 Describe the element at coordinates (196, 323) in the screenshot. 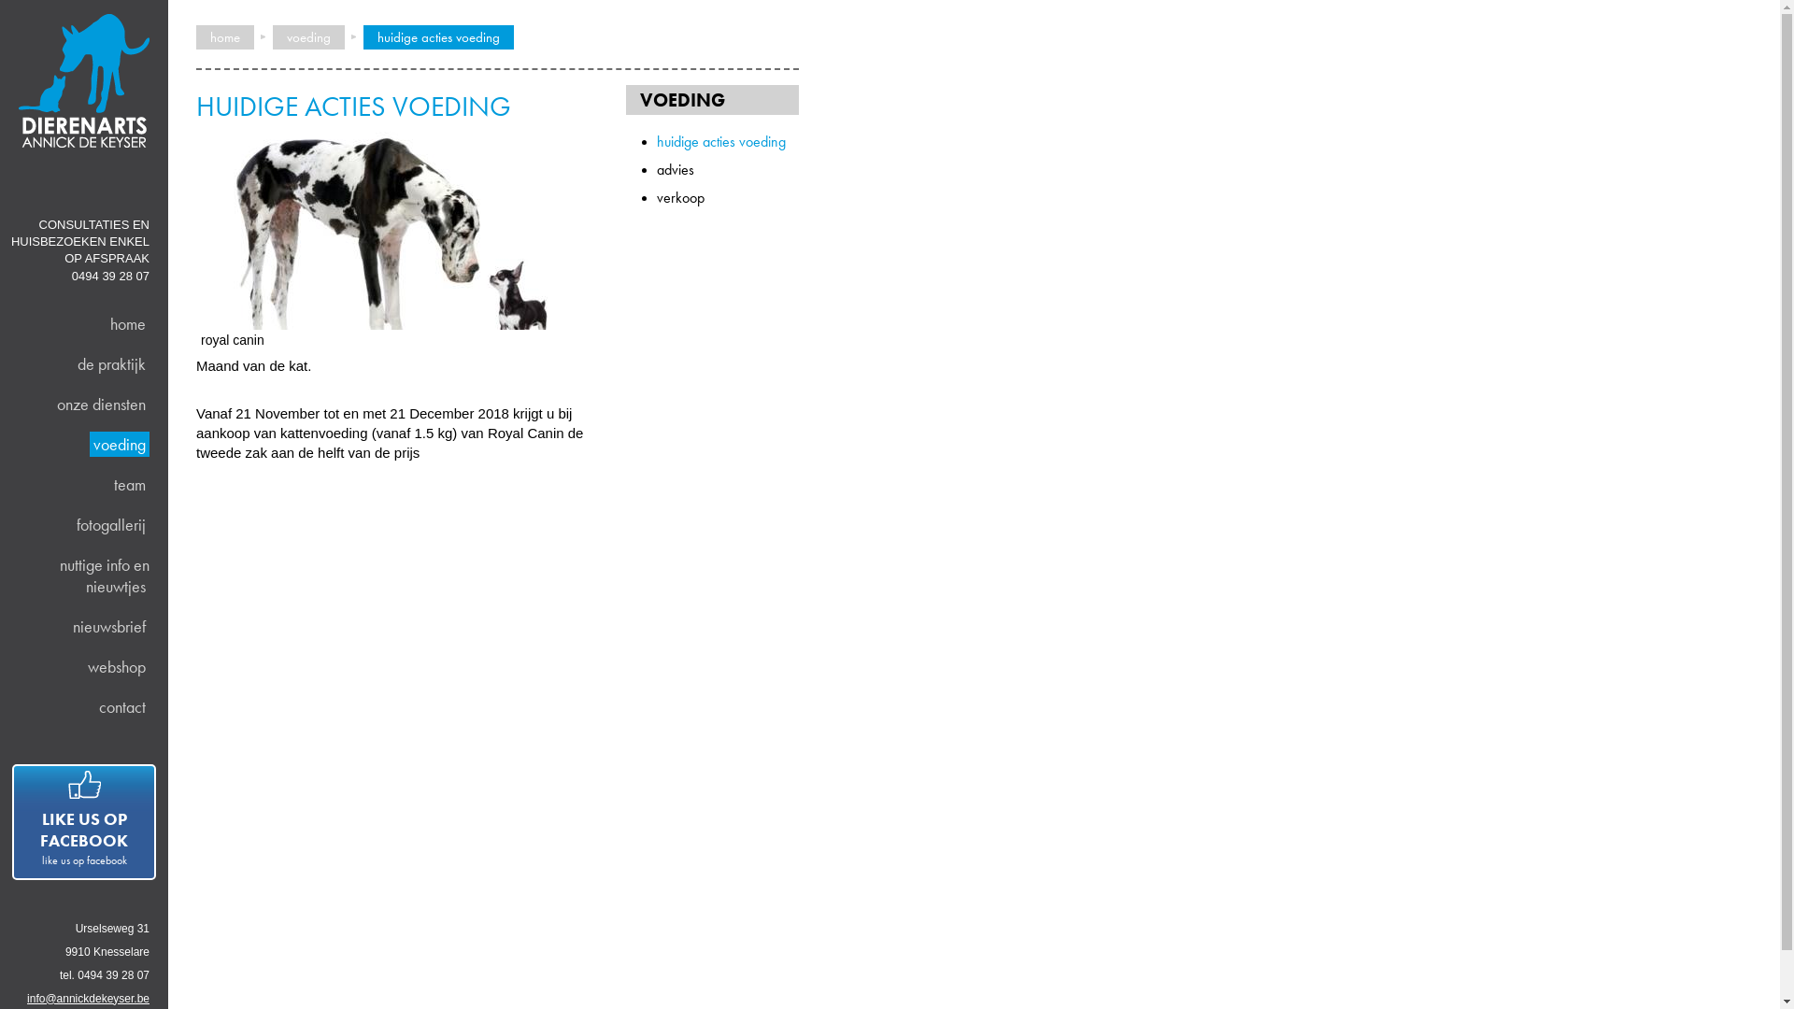

I see `'royal canin'` at that location.